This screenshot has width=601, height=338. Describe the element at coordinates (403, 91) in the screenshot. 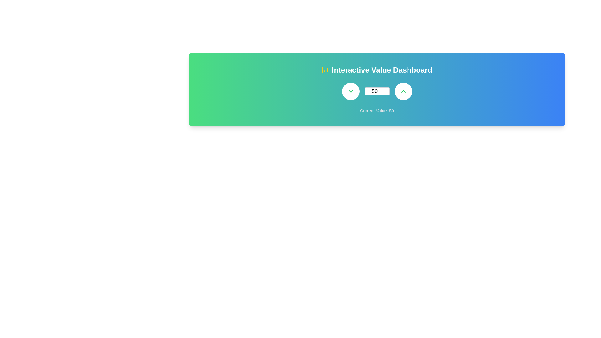

I see `the chevron icon centered inside the circular button on the right side of the horizontal interface bar` at that location.